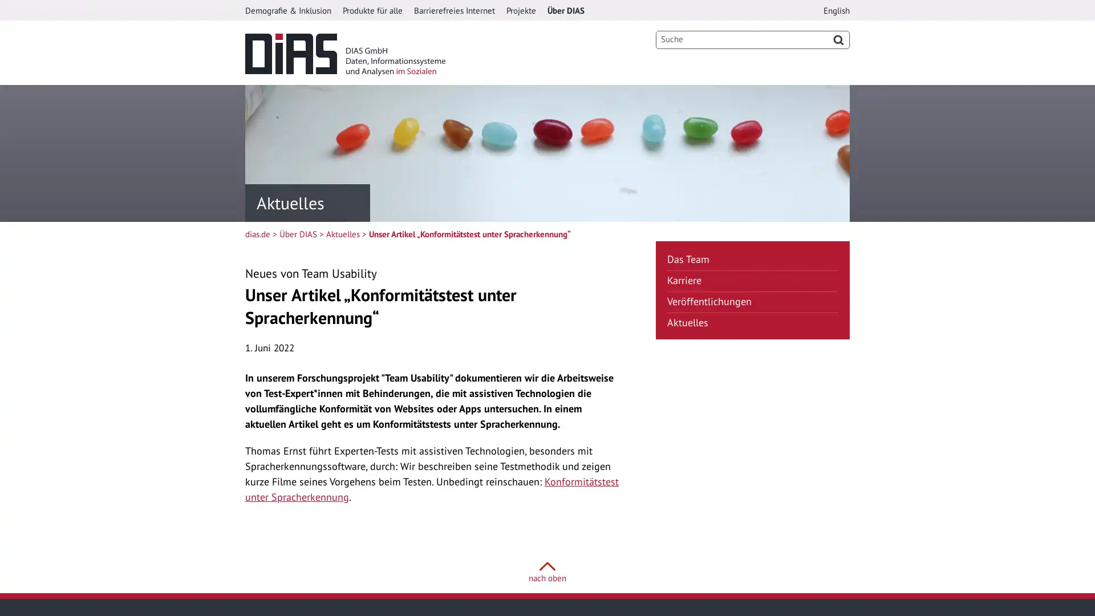  Describe the element at coordinates (838, 39) in the screenshot. I see `Suche starten` at that location.